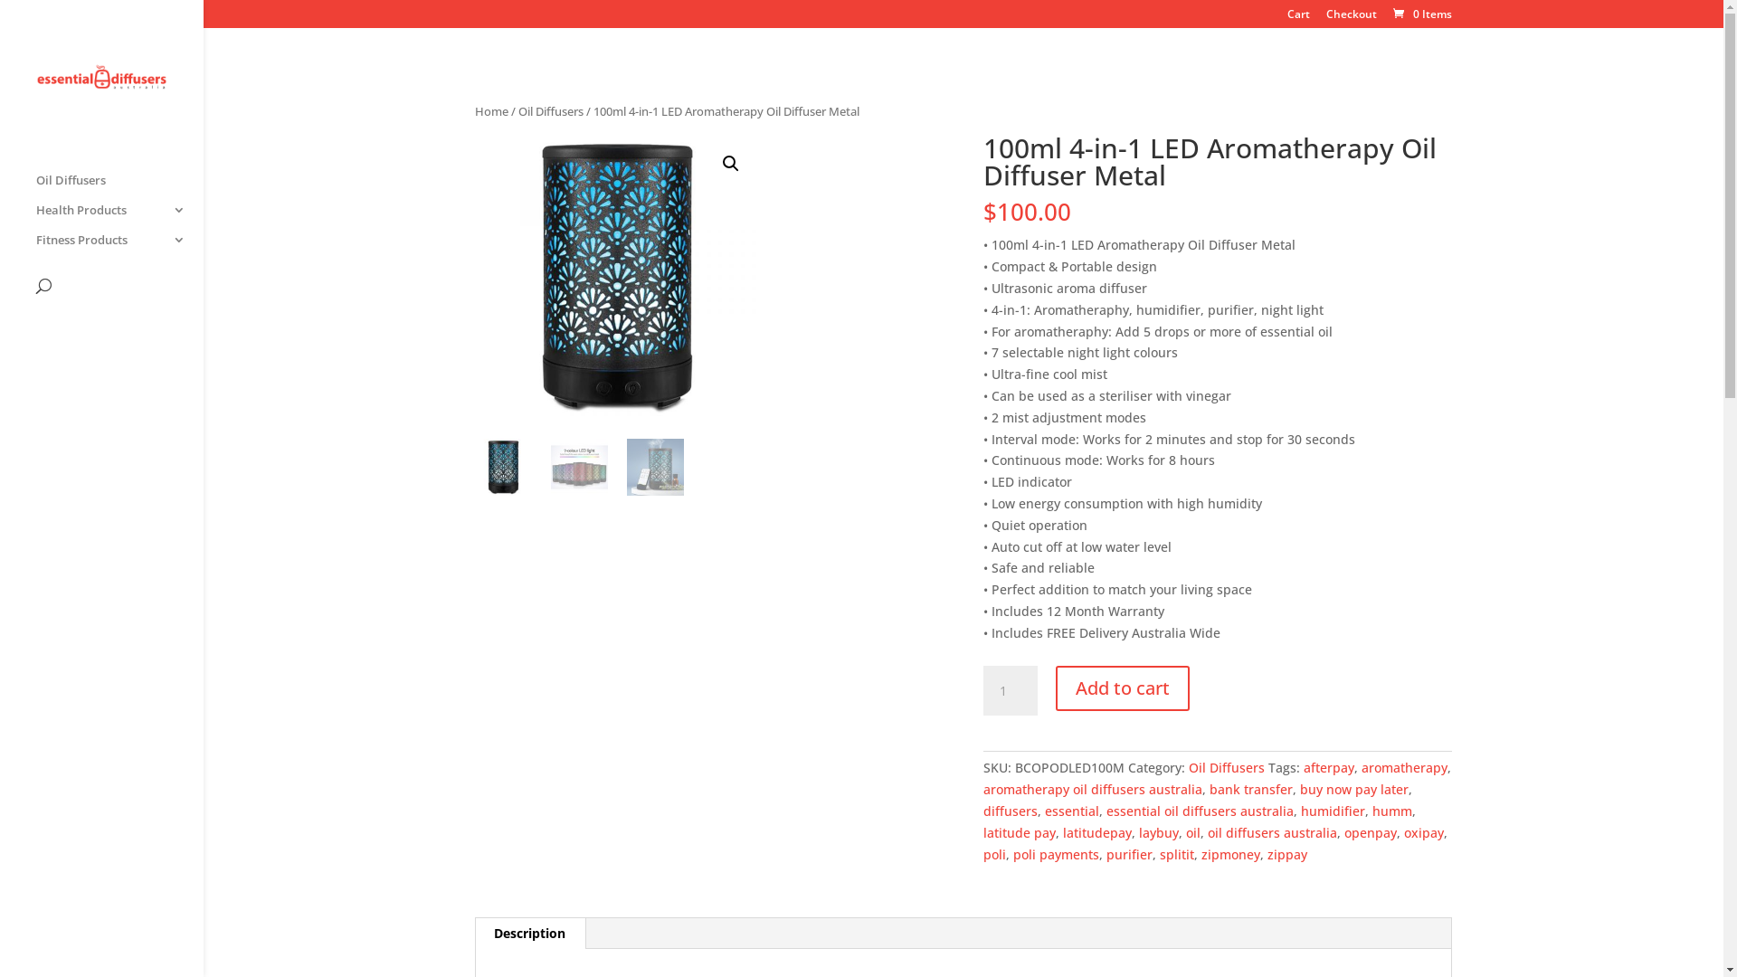  Describe the element at coordinates (491, 111) in the screenshot. I see `'Home'` at that location.